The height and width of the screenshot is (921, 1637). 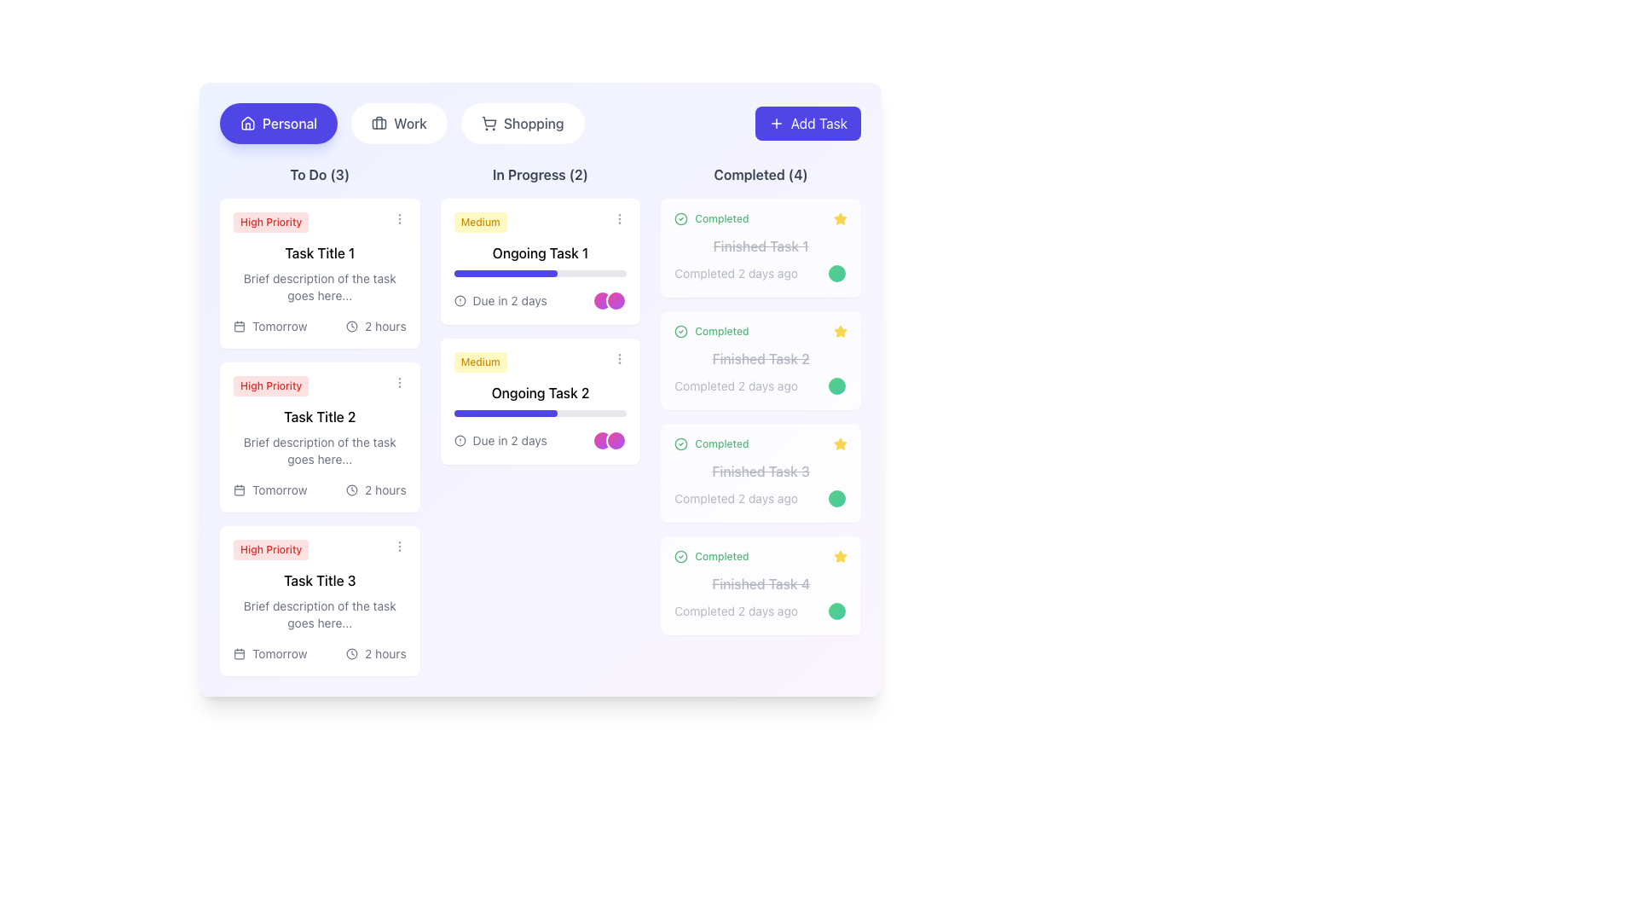 I want to click on the text label displaying 'Due in 2 days' located under the progress bar of the 'Ongoing Task 2' card in the 'In Progress' section, so click(x=509, y=439).